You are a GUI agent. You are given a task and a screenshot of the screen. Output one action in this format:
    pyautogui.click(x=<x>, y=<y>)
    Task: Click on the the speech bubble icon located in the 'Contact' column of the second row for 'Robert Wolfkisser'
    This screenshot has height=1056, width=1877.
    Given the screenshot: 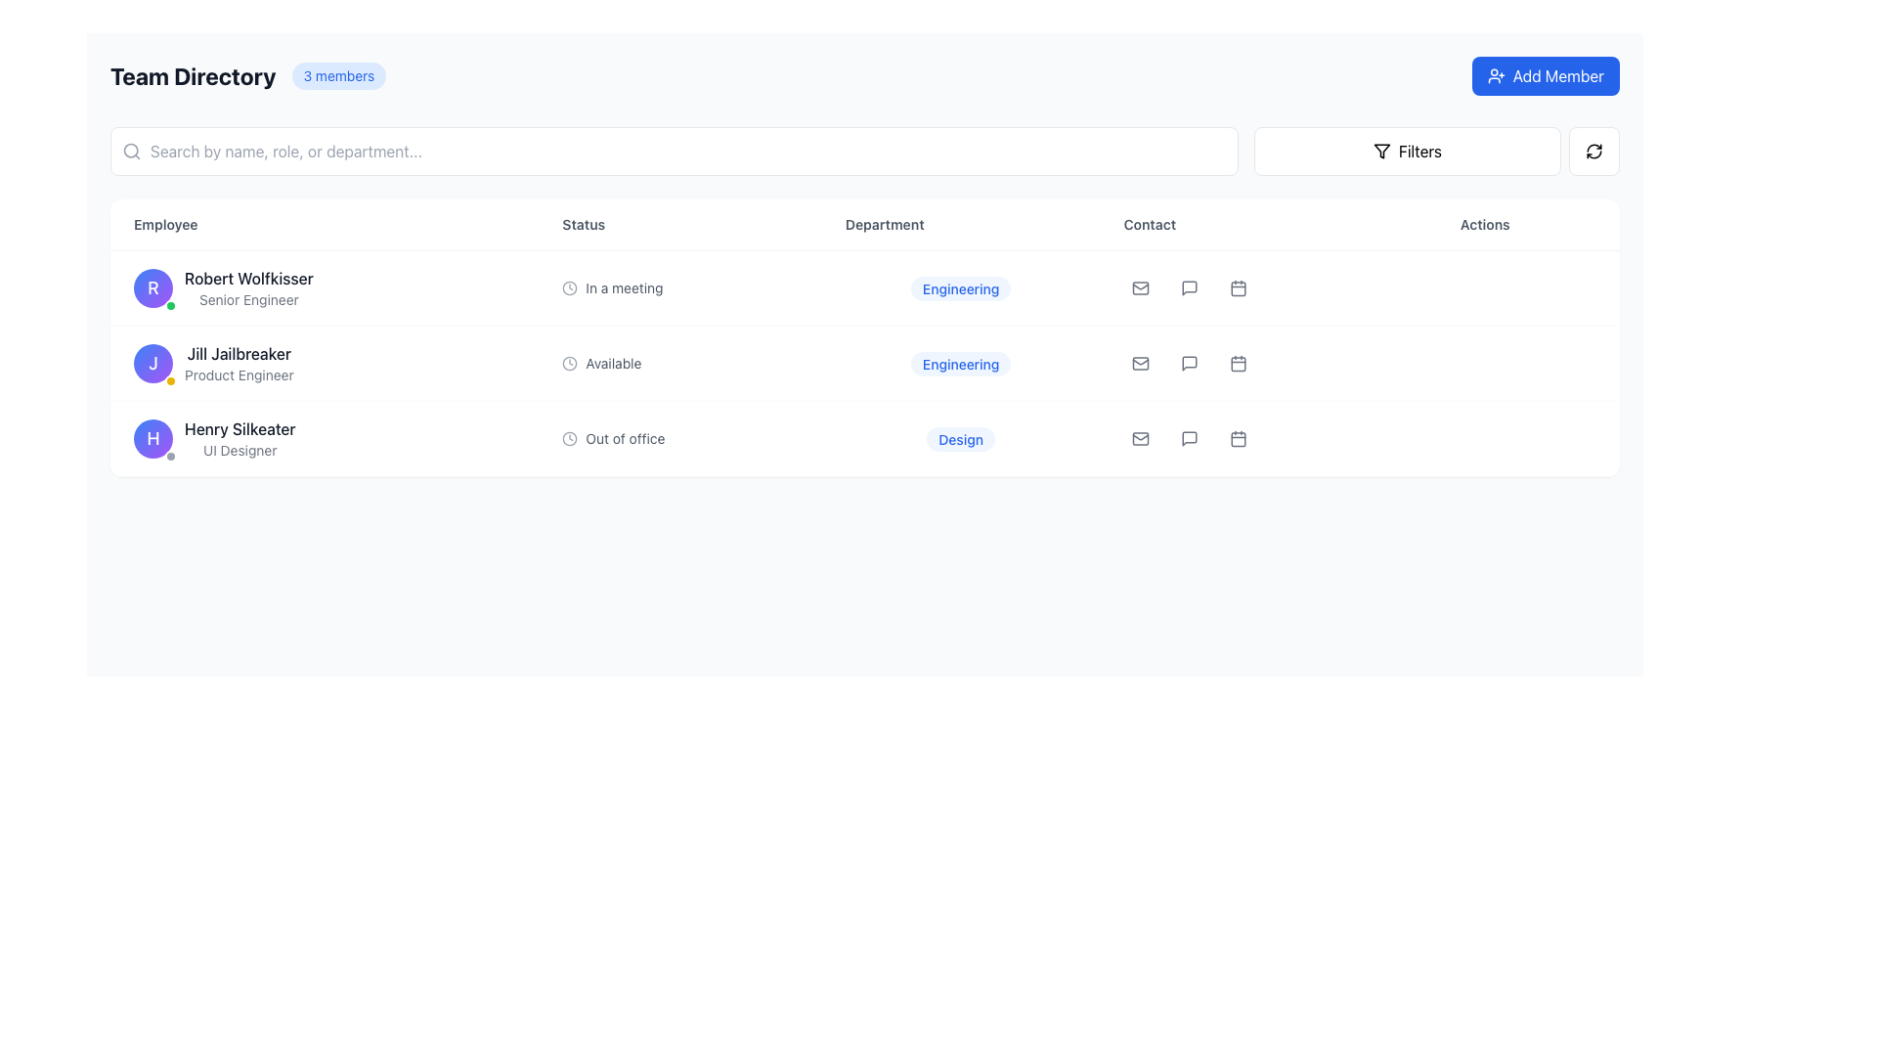 What is the action you would take?
    pyautogui.click(x=1188, y=287)
    